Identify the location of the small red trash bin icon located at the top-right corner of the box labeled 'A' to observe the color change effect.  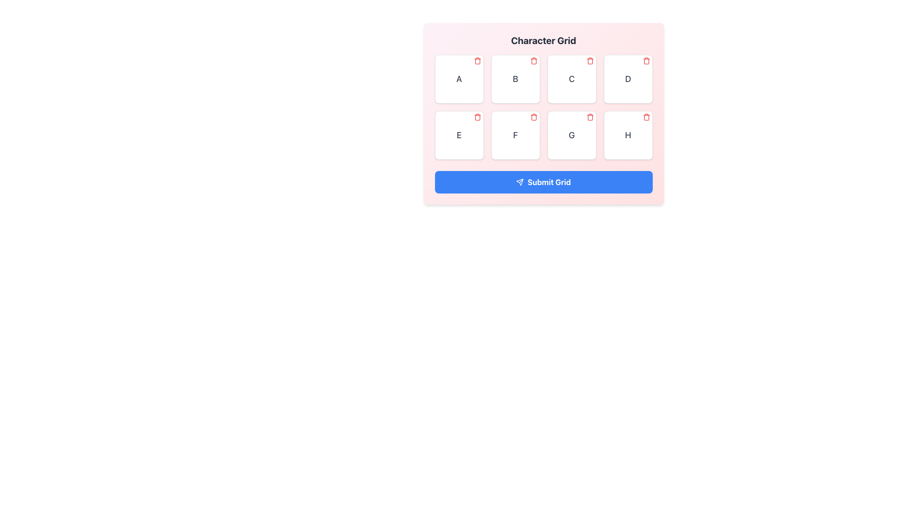
(477, 61).